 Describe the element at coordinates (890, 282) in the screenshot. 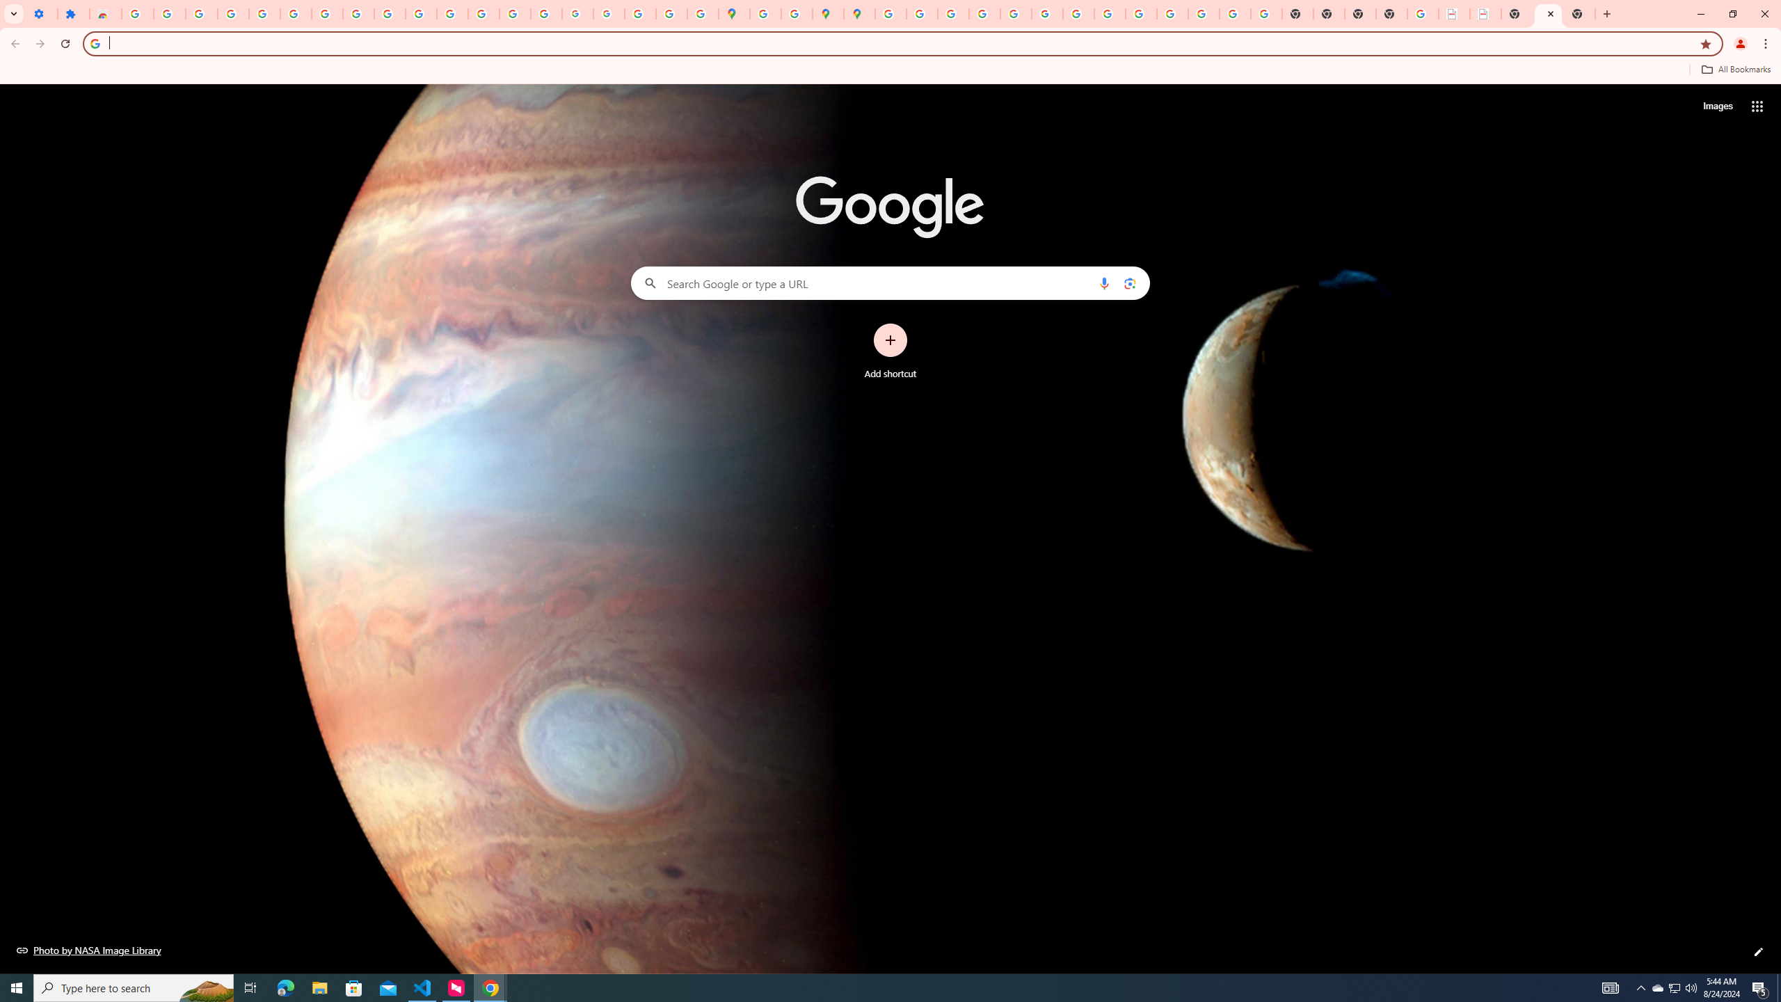

I see `'Search Google or type a URL'` at that location.